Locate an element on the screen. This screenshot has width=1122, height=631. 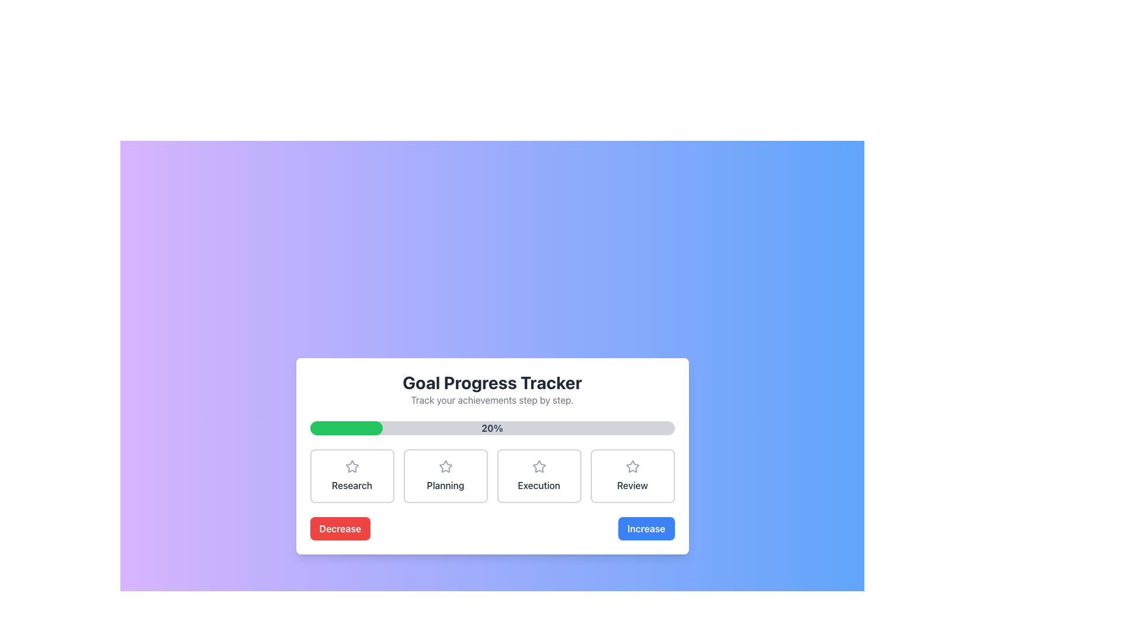
the static text block displaying the word 'Execution', which is centered beneath a star icon and is the third step in a horizontal sequence of four steps is located at coordinates (538, 485).